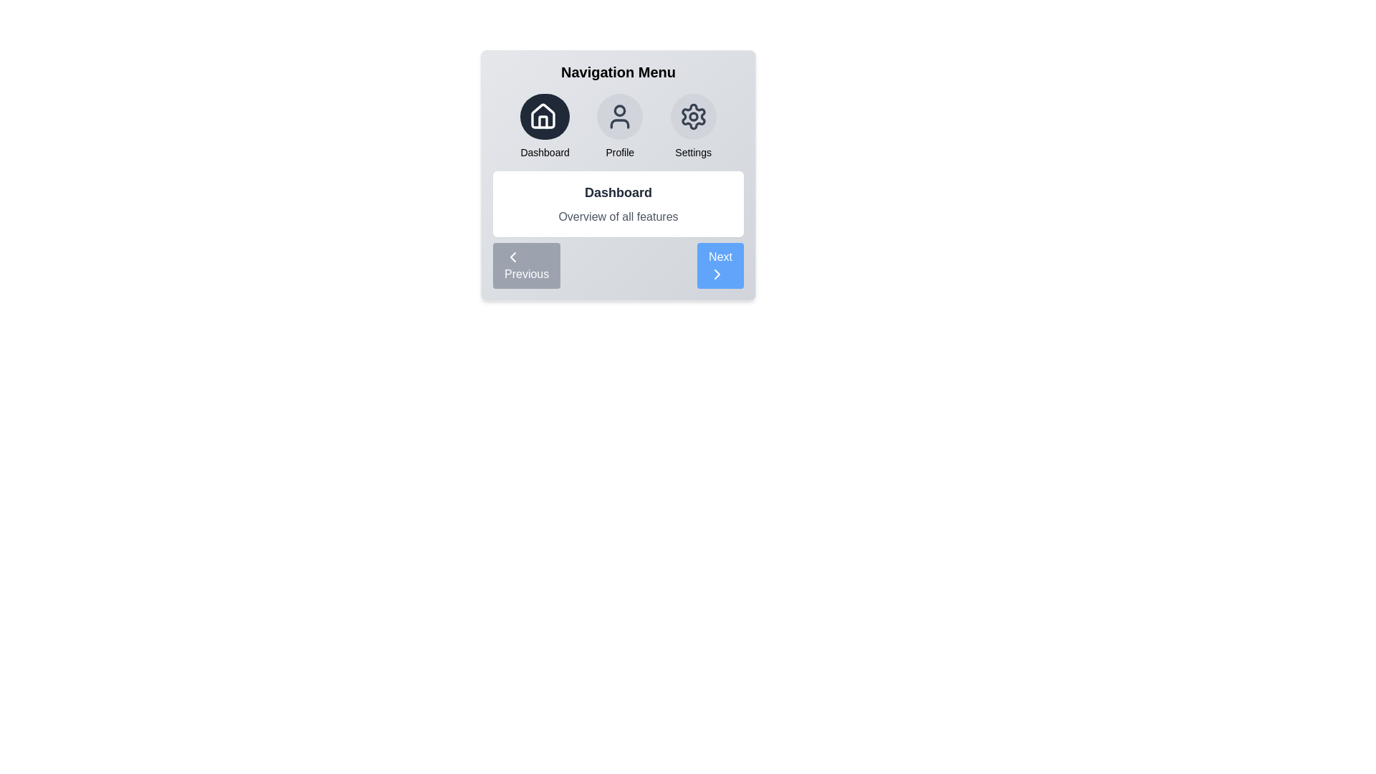 This screenshot has width=1376, height=774. What do you see at coordinates (720, 265) in the screenshot?
I see `the Next button to navigate the menu` at bounding box center [720, 265].